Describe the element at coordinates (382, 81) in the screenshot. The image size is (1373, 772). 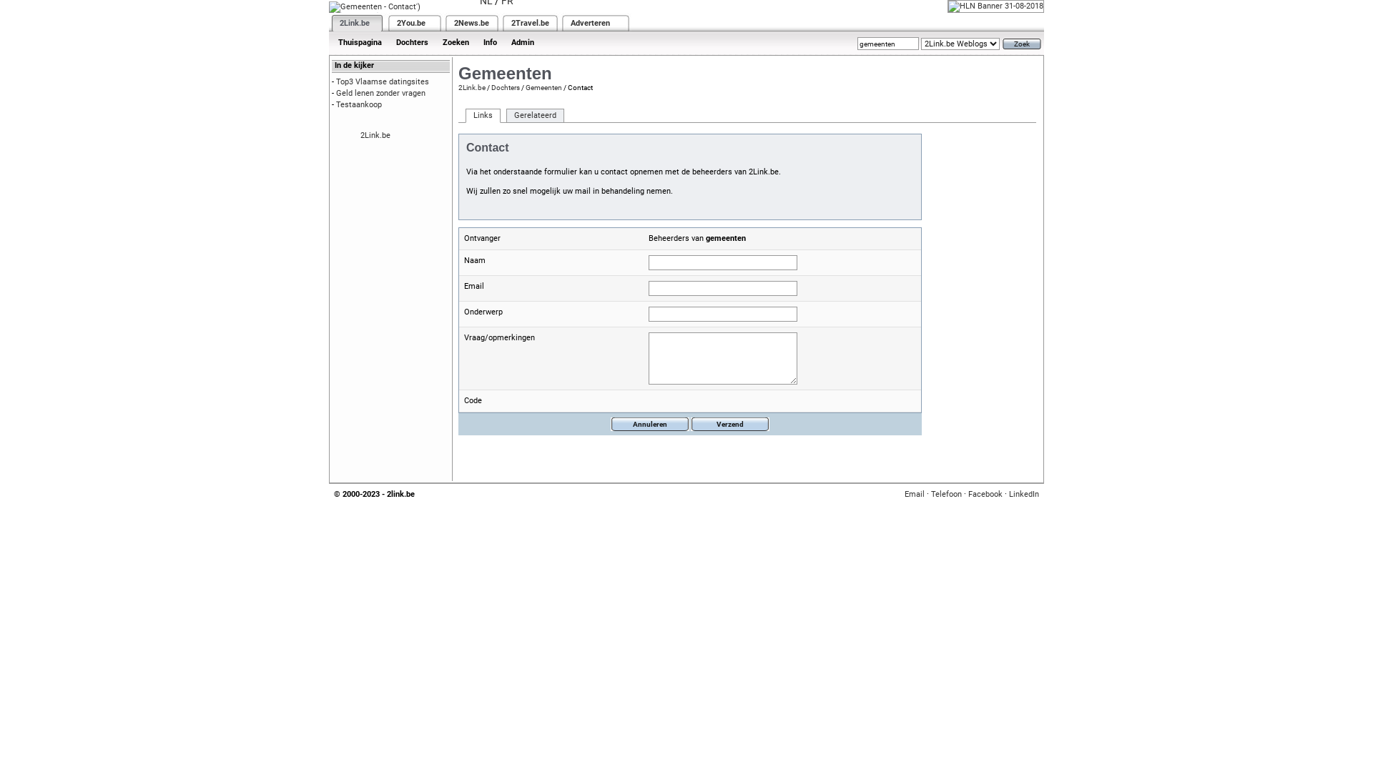
I see `'Top3 Vlaamse datingsites'` at that location.